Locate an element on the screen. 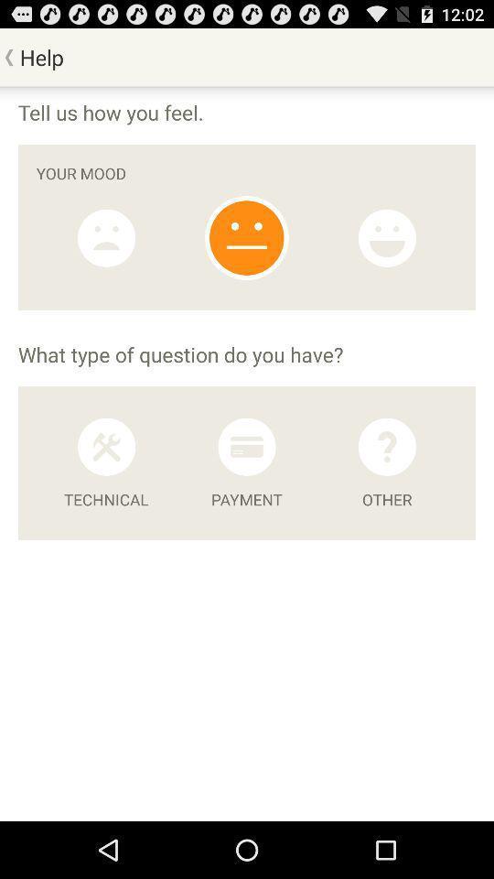  the help icon is located at coordinates (386, 477).